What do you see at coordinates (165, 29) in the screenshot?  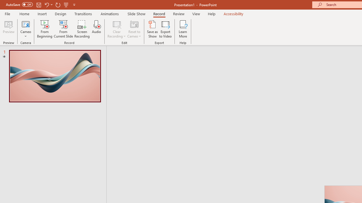 I see `'Export to Video'` at bounding box center [165, 29].